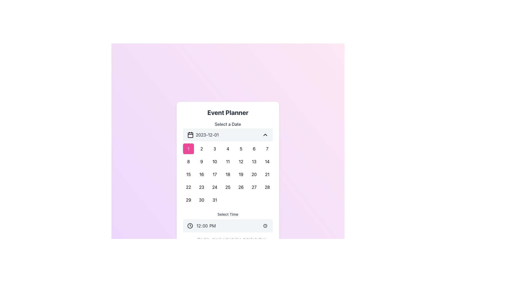 The height and width of the screenshot is (288, 513). What do you see at coordinates (228, 124) in the screenshot?
I see `the text label indicating the purpose of the following date selection input area, which is located under the main heading 'Event Planner' and centered horizontally near the top of the calendar interface` at bounding box center [228, 124].